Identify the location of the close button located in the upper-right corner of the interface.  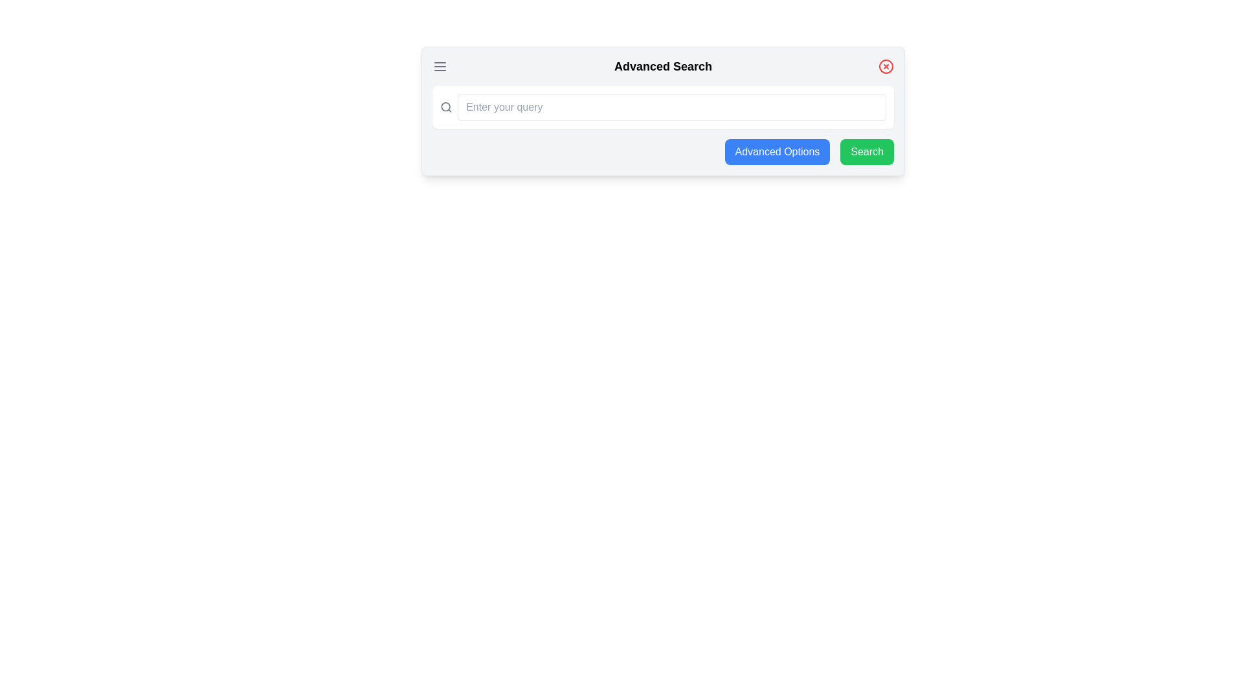
(885, 67).